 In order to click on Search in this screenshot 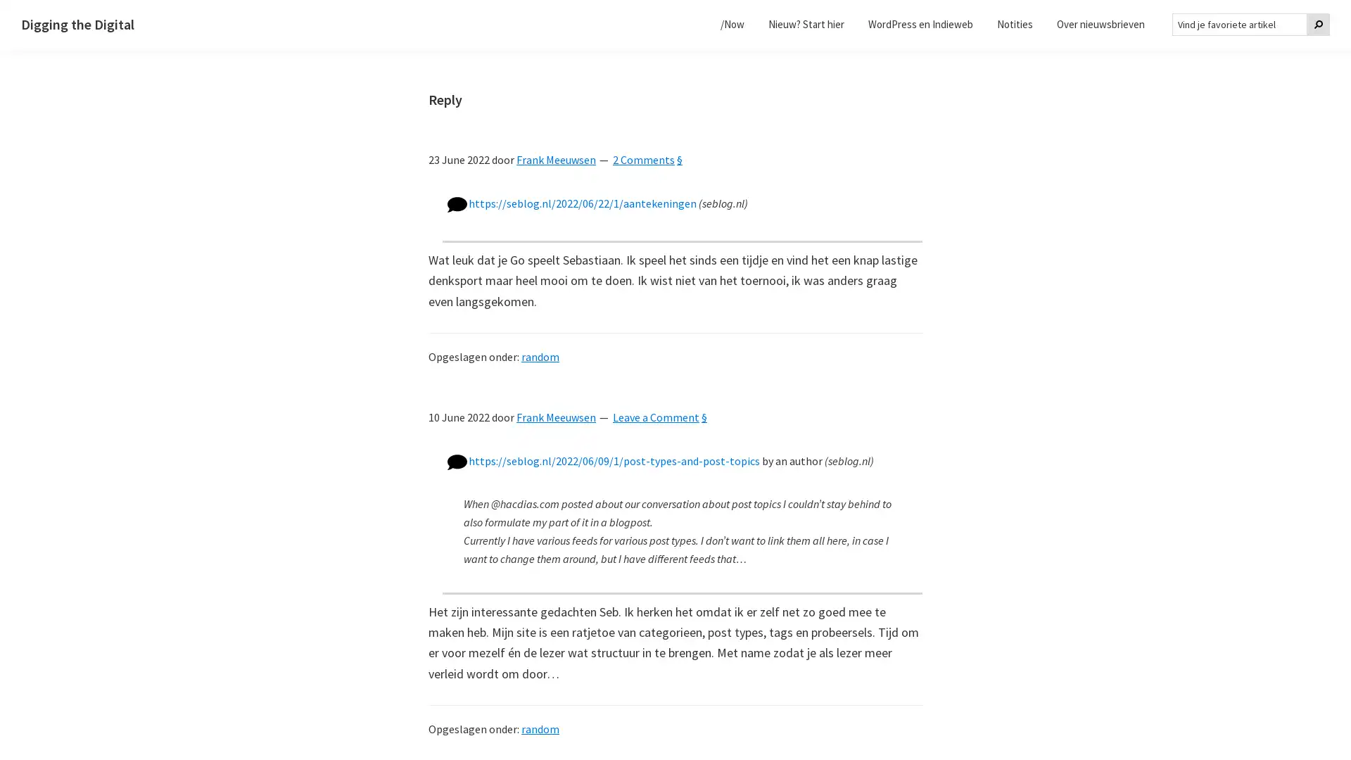, I will do `click(1317, 24)`.